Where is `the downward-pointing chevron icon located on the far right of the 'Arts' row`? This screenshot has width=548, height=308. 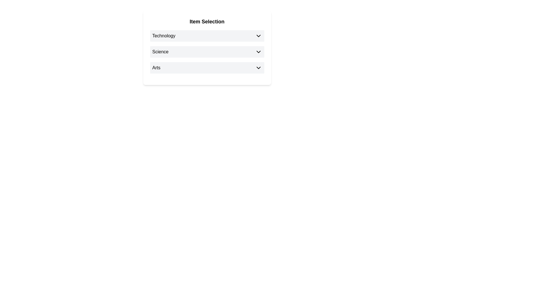
the downward-pointing chevron icon located on the far right of the 'Arts' row is located at coordinates (258, 68).